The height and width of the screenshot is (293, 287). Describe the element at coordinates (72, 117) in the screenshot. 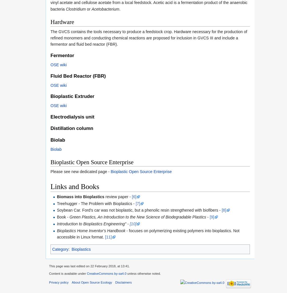

I see `'Electrodialysis unit'` at that location.